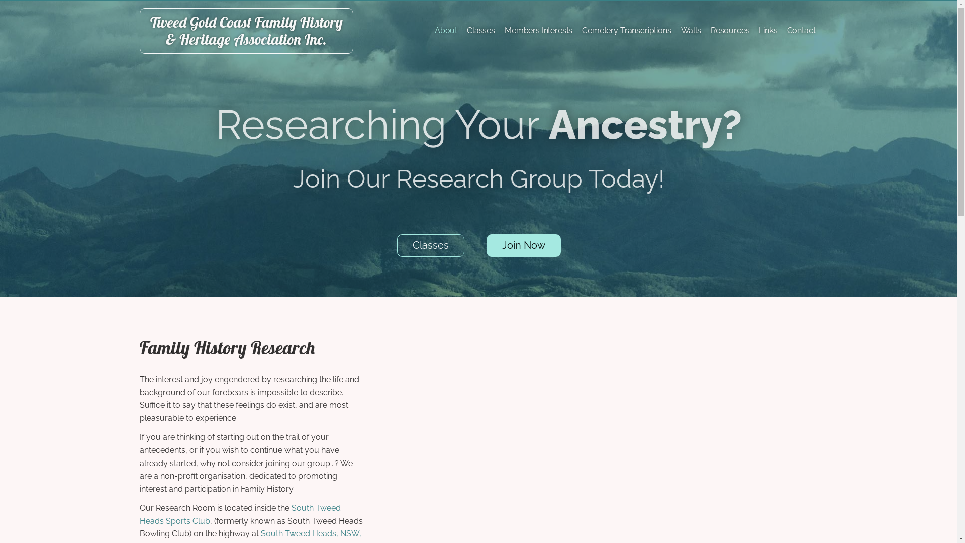 The image size is (965, 543). Describe the element at coordinates (767, 30) in the screenshot. I see `'Links'` at that location.